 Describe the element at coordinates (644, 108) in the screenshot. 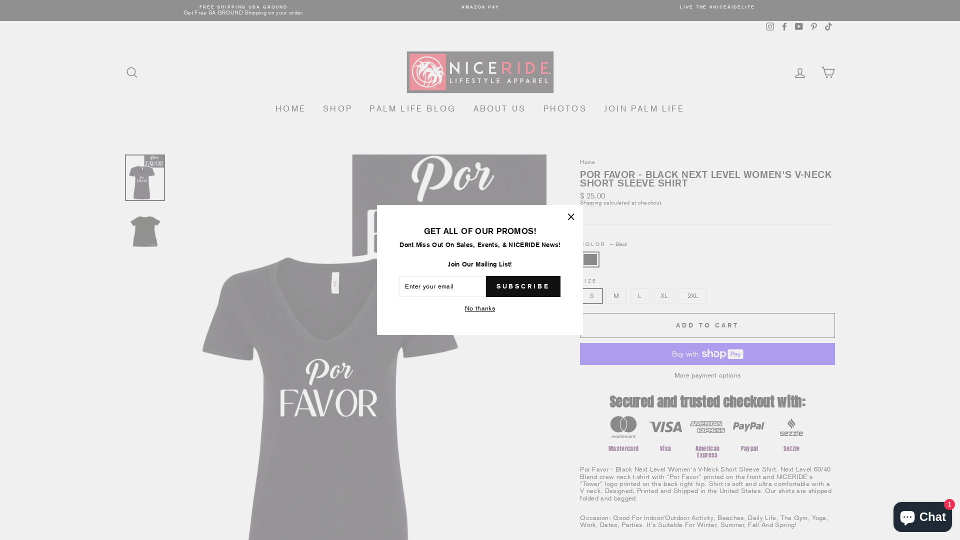

I see `'JOIN PALM LIFE'` at that location.